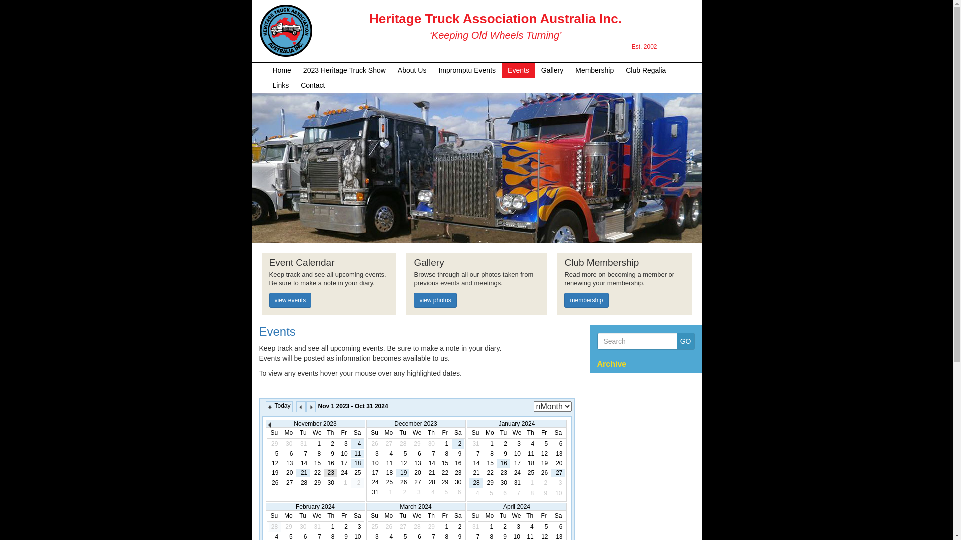 The height and width of the screenshot is (540, 961). What do you see at coordinates (410, 472) in the screenshot?
I see `'20'` at bounding box center [410, 472].